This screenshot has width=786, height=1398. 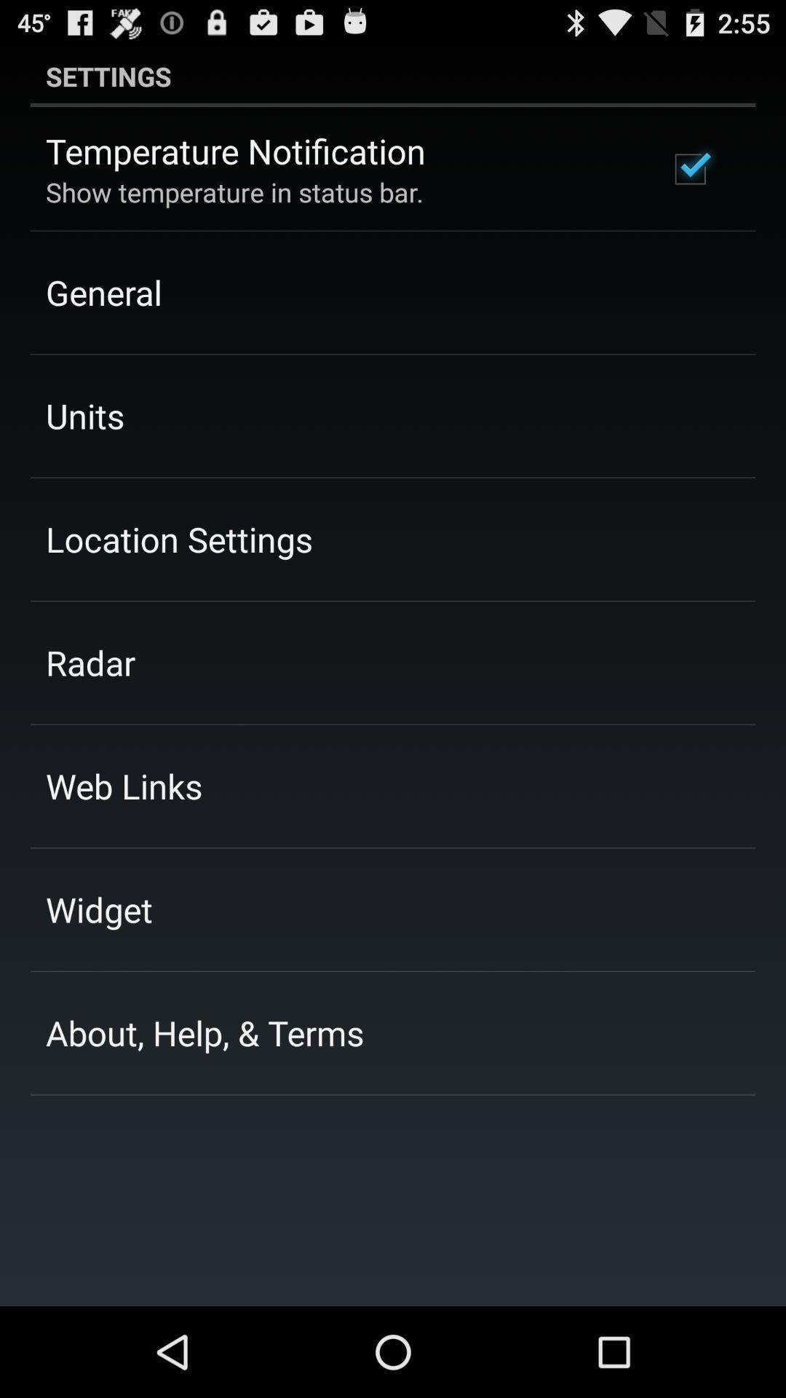 I want to click on the show temperature in item, so click(x=234, y=191).